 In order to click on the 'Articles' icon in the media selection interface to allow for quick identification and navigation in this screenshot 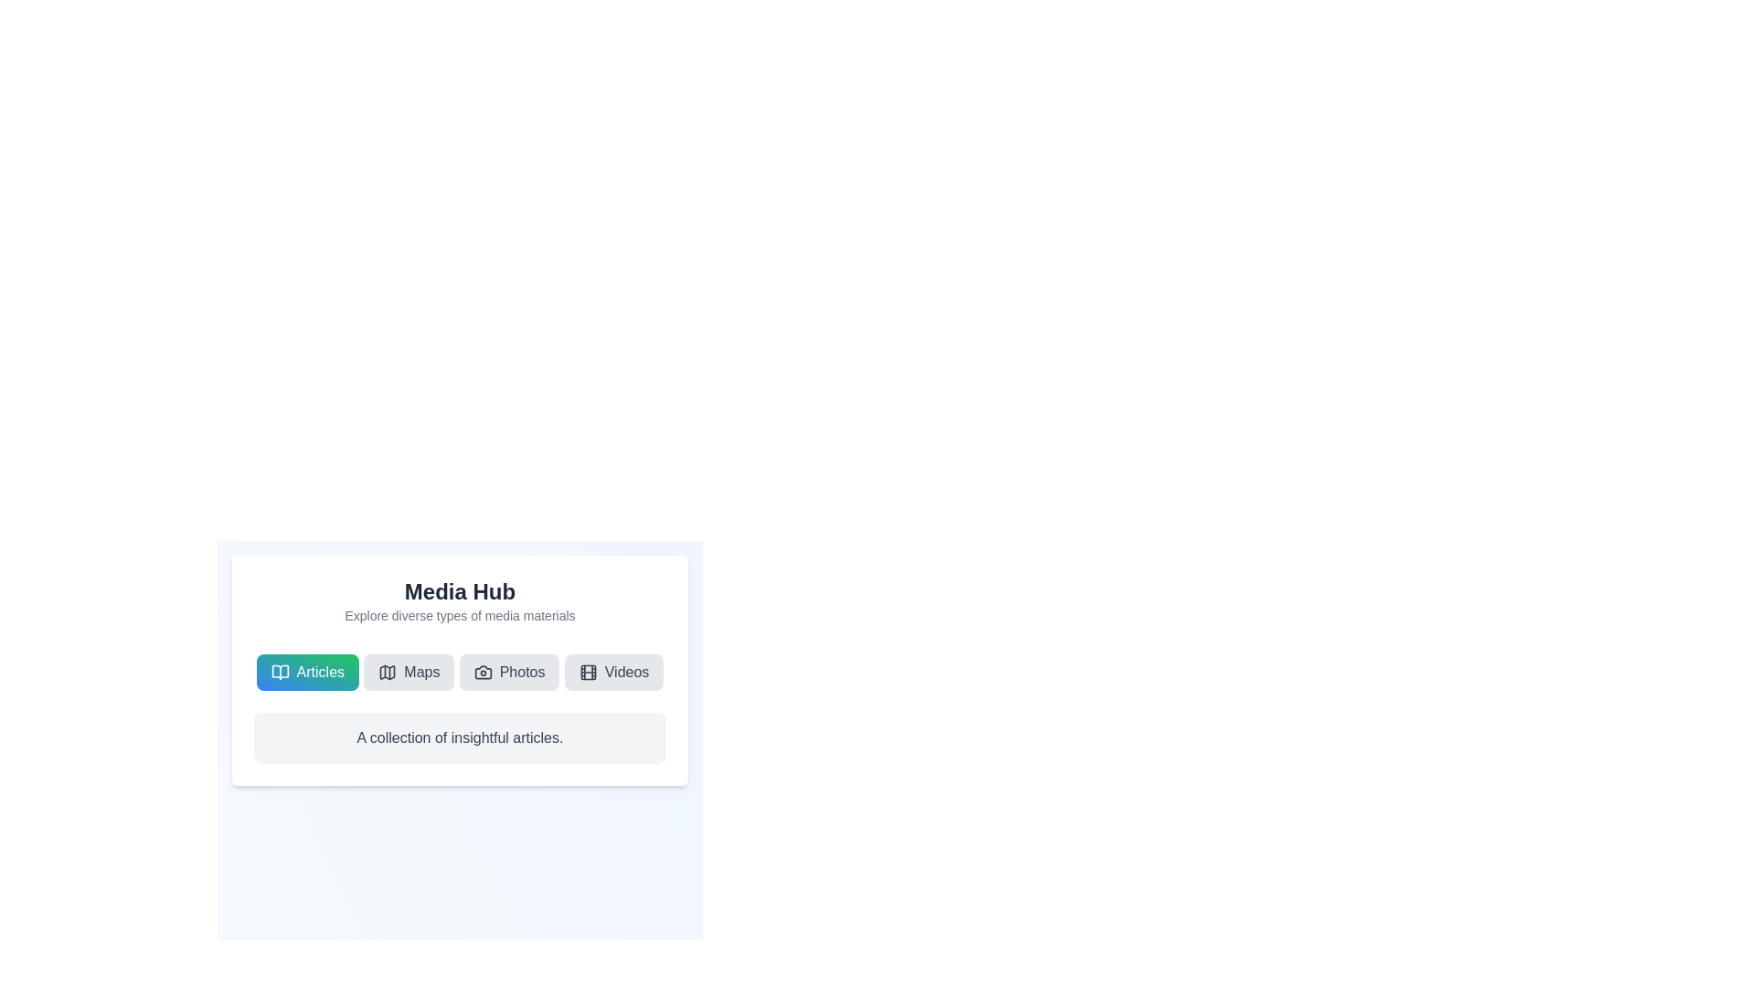, I will do `click(279, 673)`.